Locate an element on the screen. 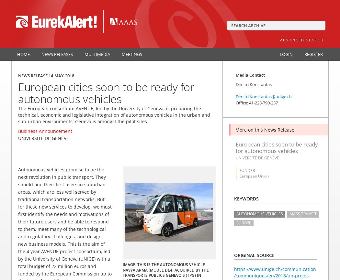 This screenshot has height=280, width=340. 'Advanced Search' is located at coordinates (302, 40).